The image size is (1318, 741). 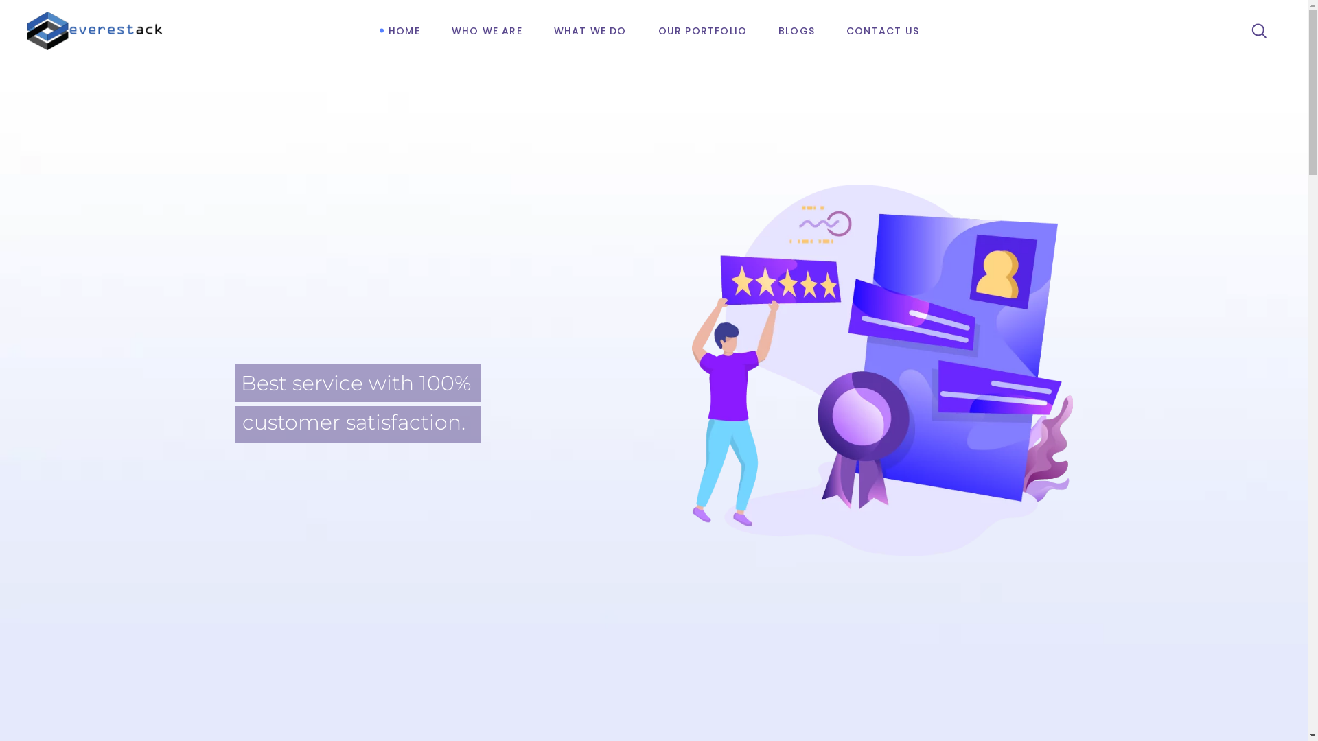 What do you see at coordinates (537, 31) in the screenshot?
I see `'WHAT WE DO'` at bounding box center [537, 31].